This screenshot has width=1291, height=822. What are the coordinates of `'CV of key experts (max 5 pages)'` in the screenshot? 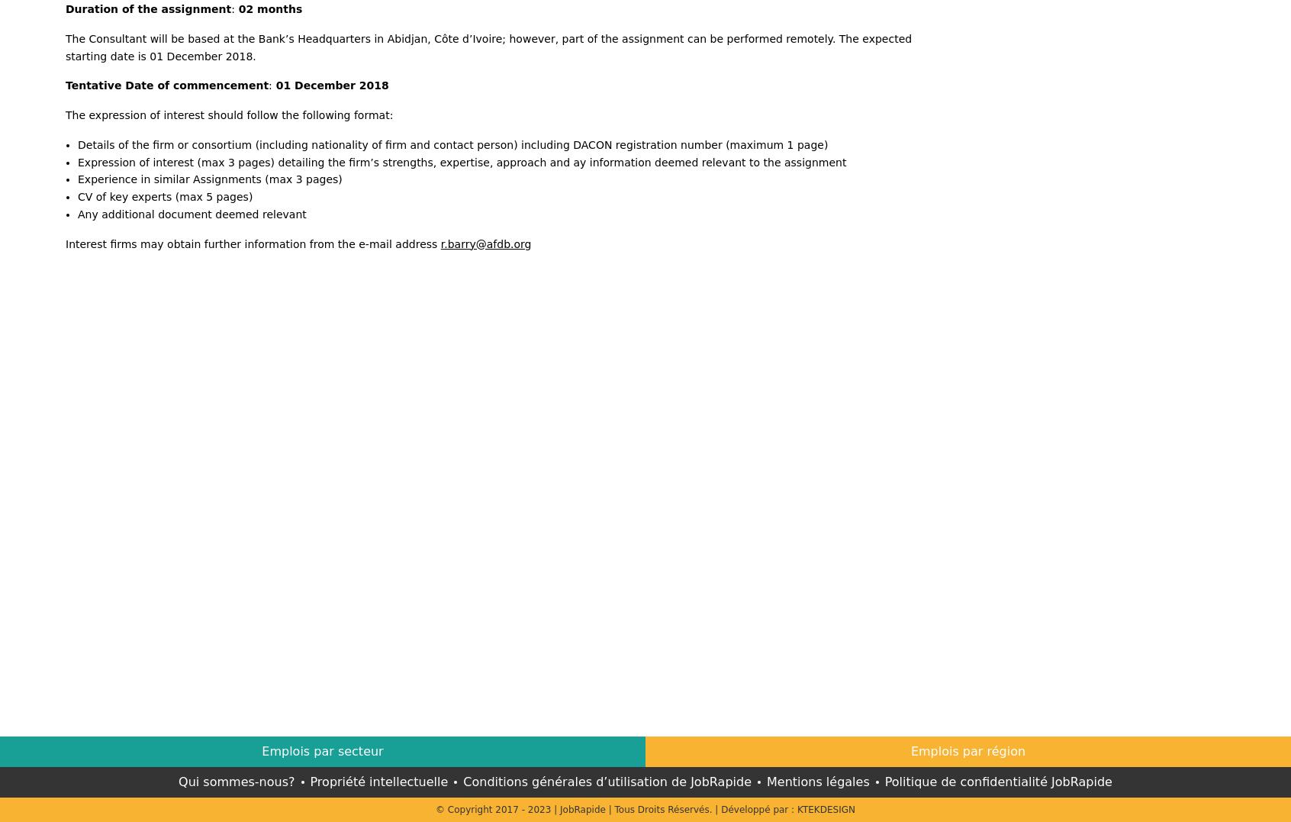 It's located at (78, 196).